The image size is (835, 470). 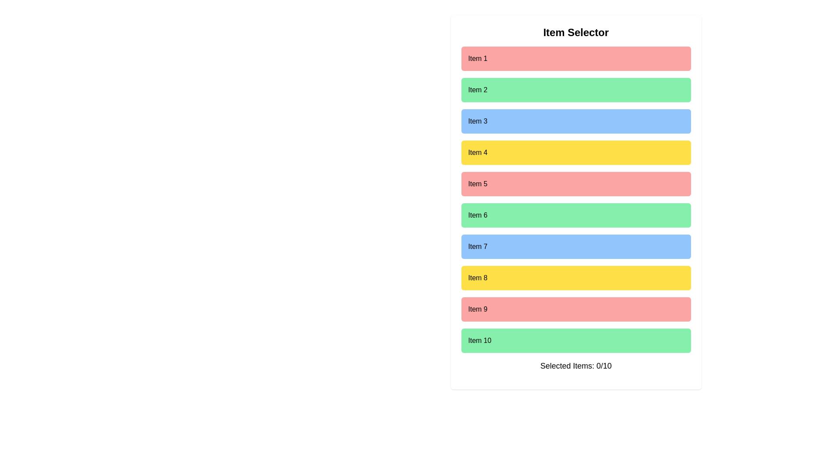 What do you see at coordinates (477, 184) in the screenshot?
I see `the text label 'Item 5' displayed in a red rectangular box within the fifth item of the vertically stacked list in the 'Item Selector' panel` at bounding box center [477, 184].